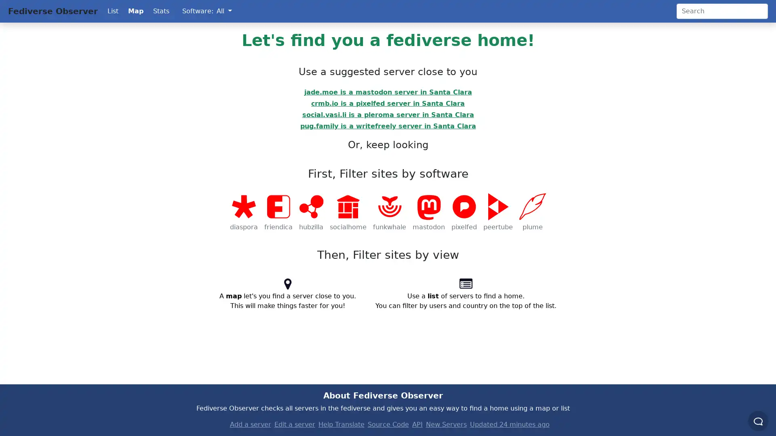 Image resolution: width=776 pixels, height=436 pixels. Describe the element at coordinates (224, 11) in the screenshot. I see `All` at that location.